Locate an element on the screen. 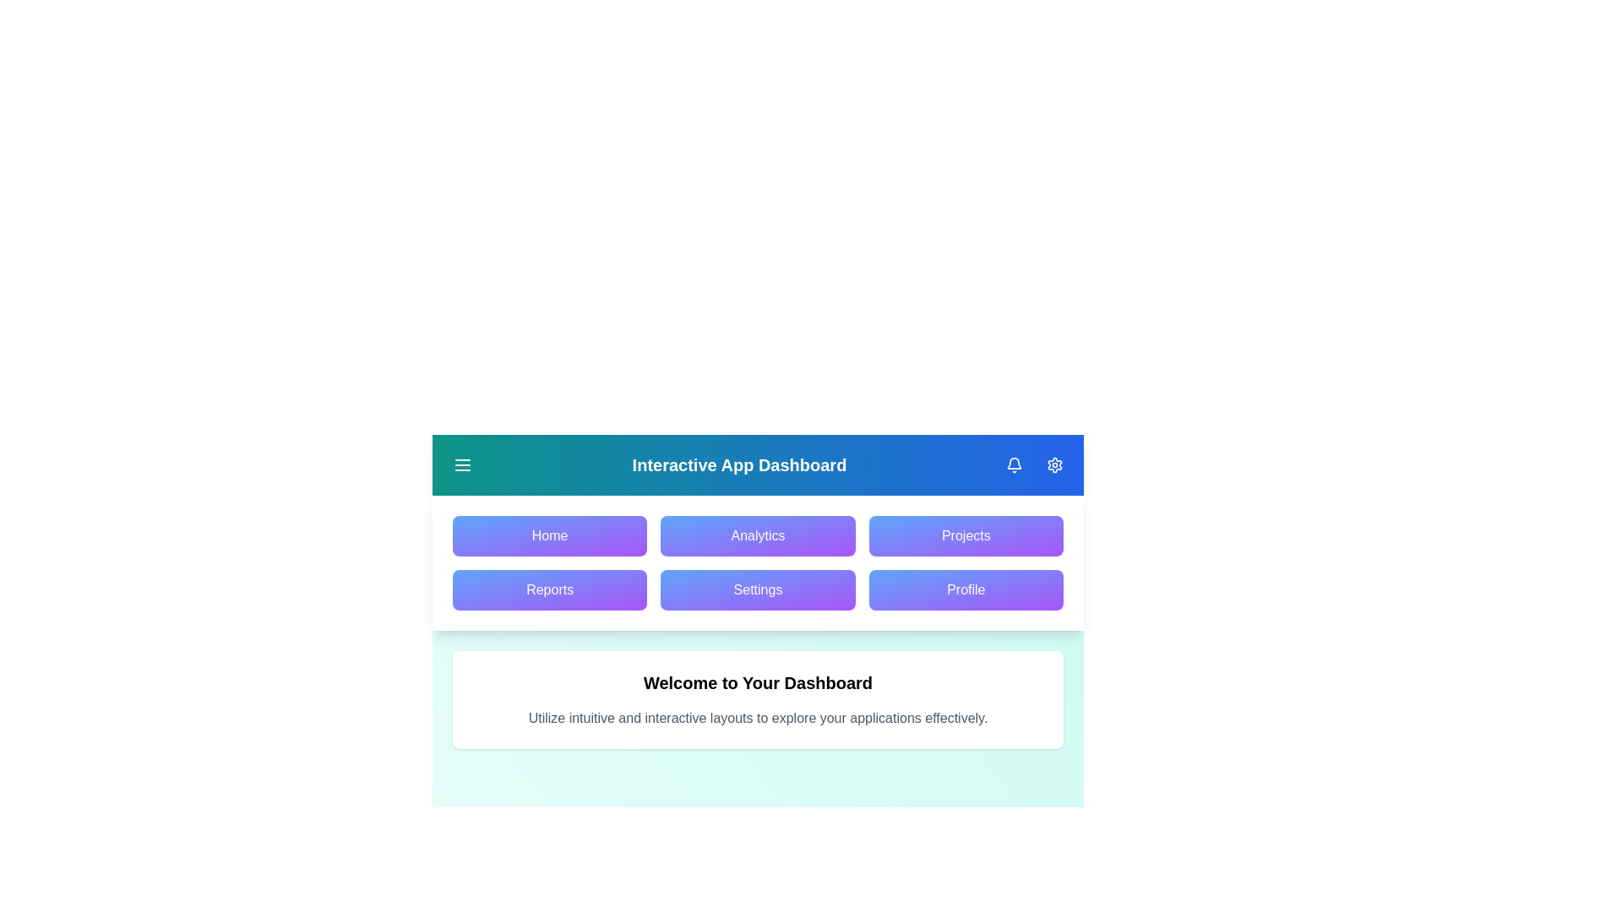 The image size is (1622, 912). the navigation menu item Profile is located at coordinates (966, 589).